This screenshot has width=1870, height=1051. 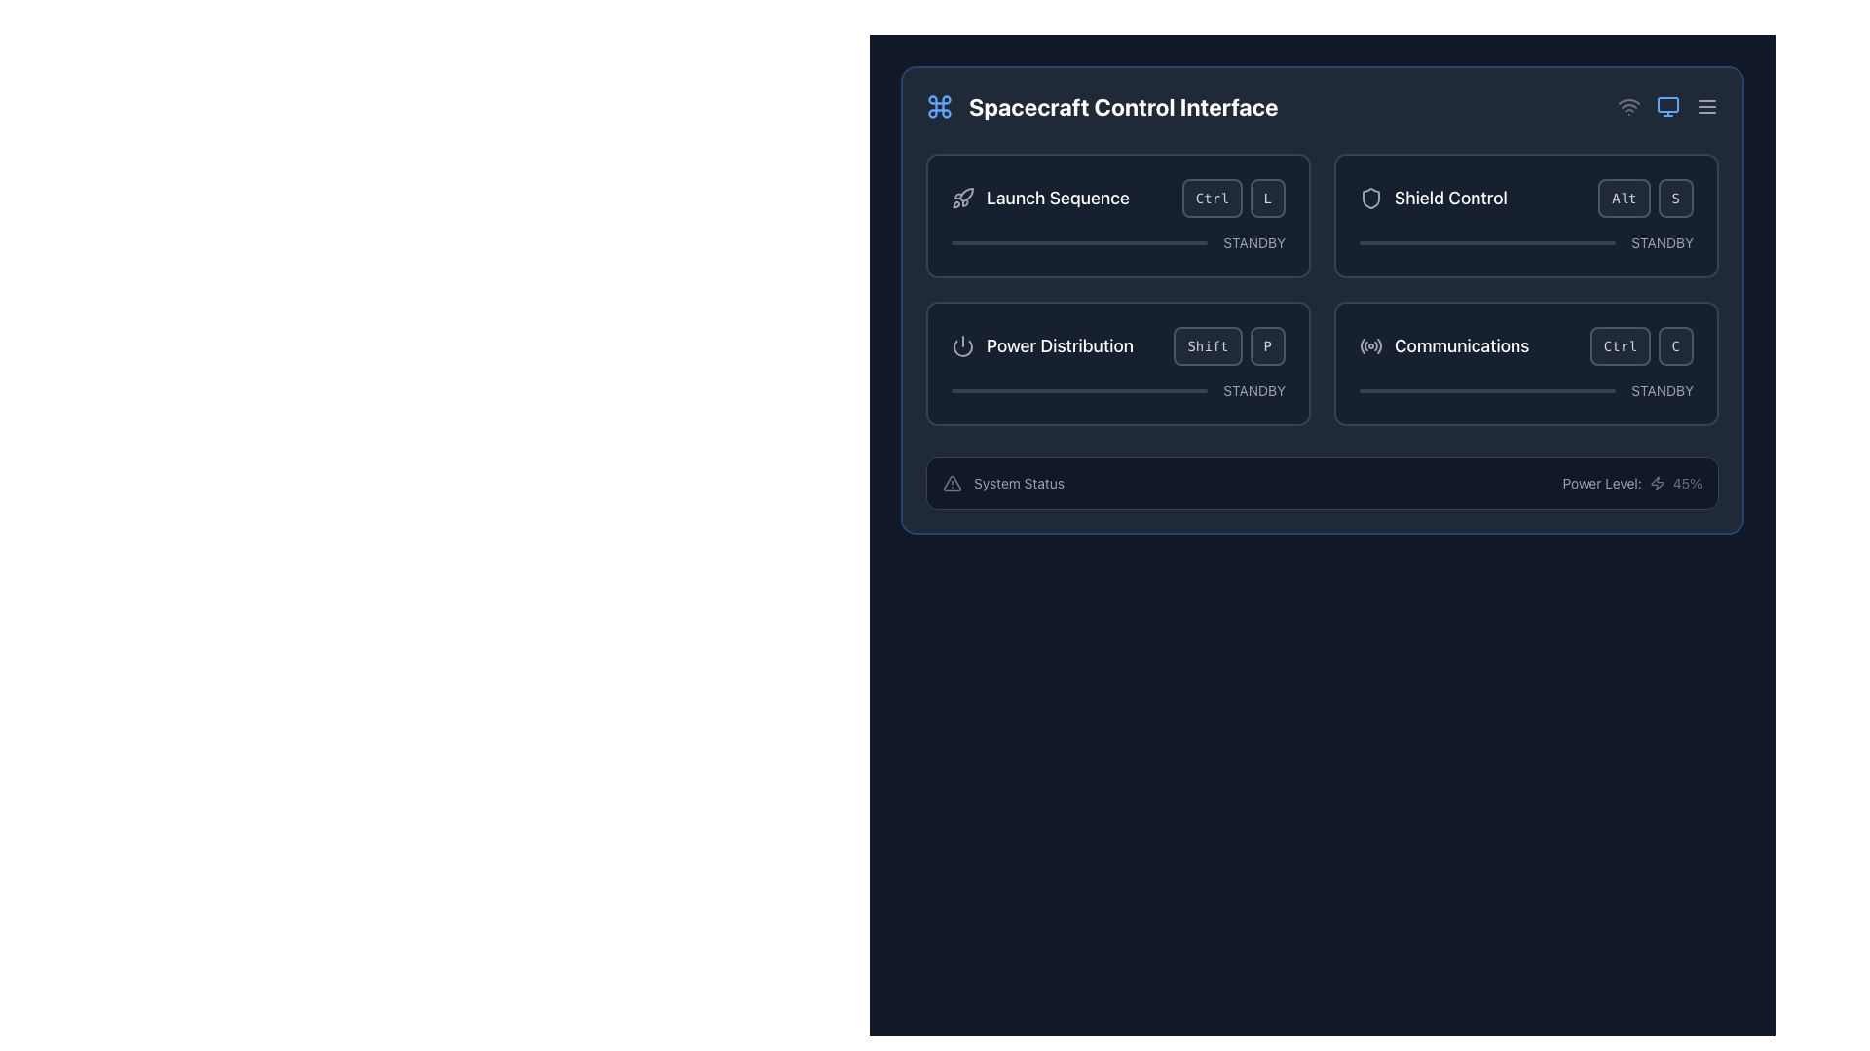 What do you see at coordinates (1623, 199) in the screenshot?
I see `the rounded rectangular button labeled 'Alt' with a dark gray background and light gray text, located in the 'Shield Control' section` at bounding box center [1623, 199].